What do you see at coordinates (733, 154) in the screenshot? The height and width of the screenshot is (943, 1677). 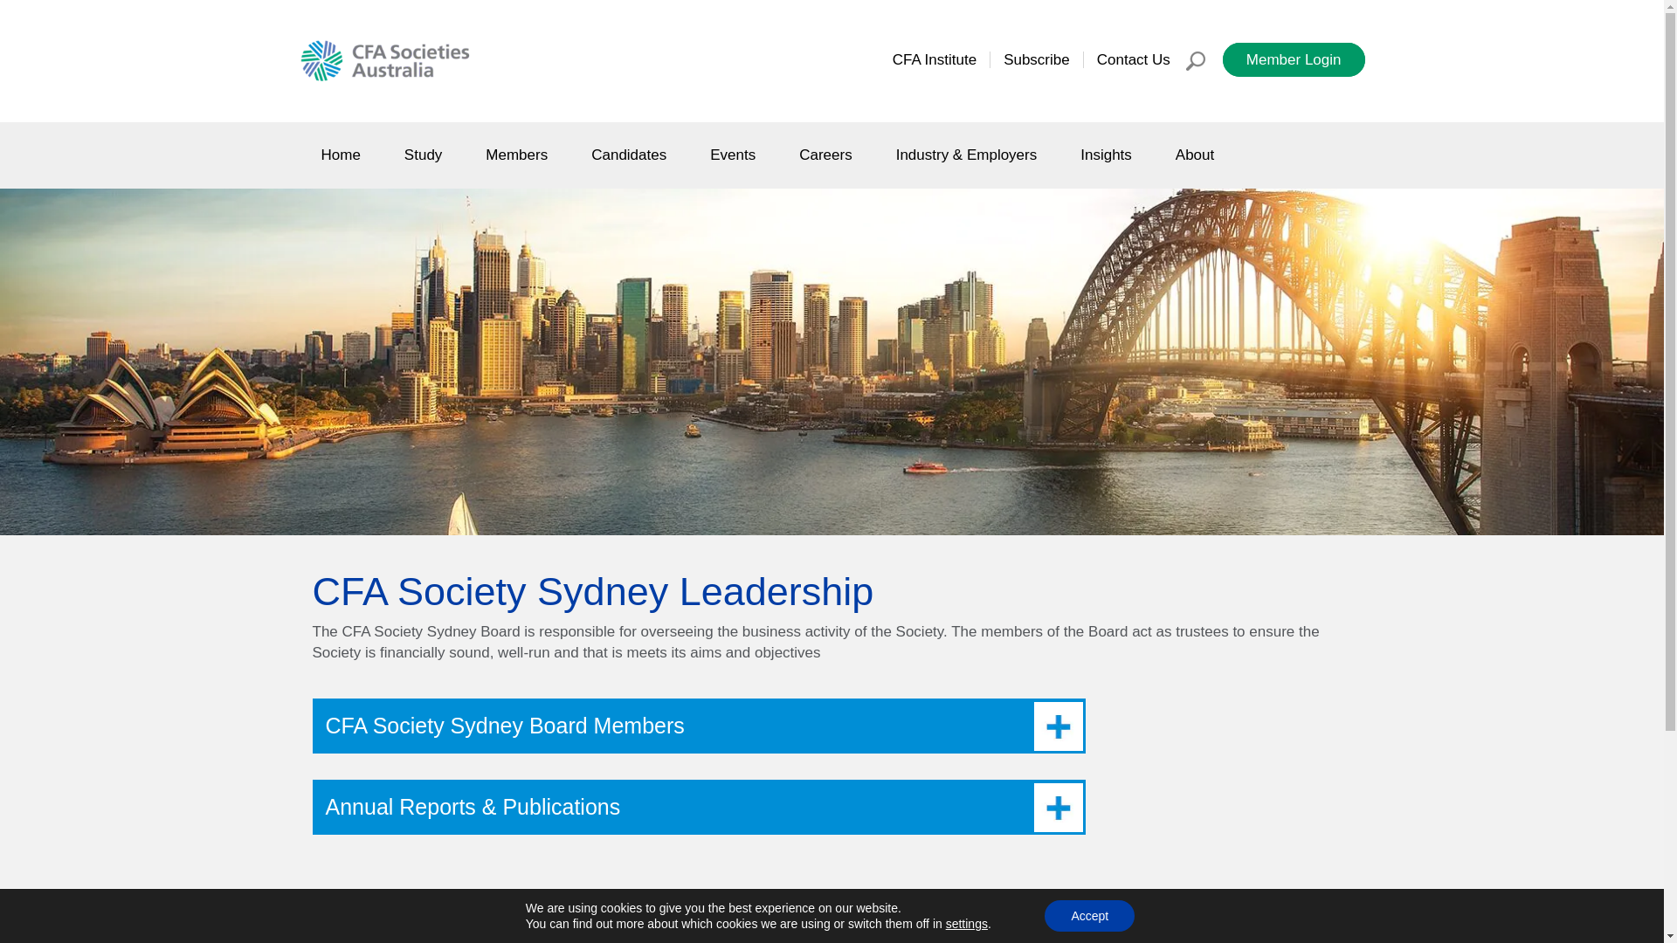 I see `'Events'` at bounding box center [733, 154].